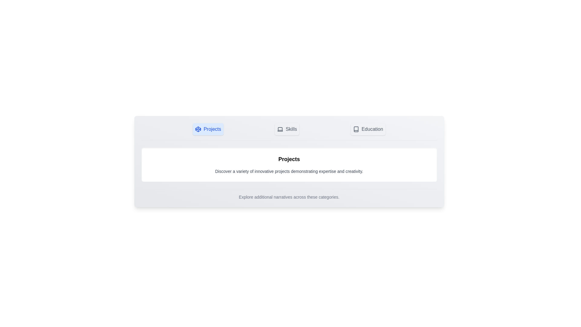 This screenshot has width=581, height=327. Describe the element at coordinates (280, 129) in the screenshot. I see `the 'Skills' button icon, which visually represents the skills functionality and is located centrally at the top section of the interface, between 'Projects' and 'Education'` at that location.